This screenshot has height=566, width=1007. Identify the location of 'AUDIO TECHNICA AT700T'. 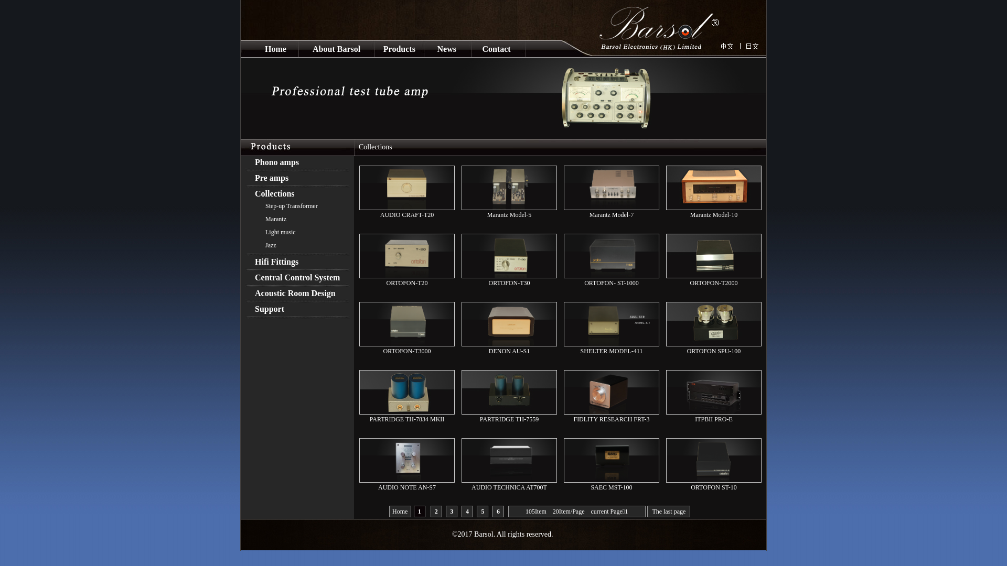
(509, 487).